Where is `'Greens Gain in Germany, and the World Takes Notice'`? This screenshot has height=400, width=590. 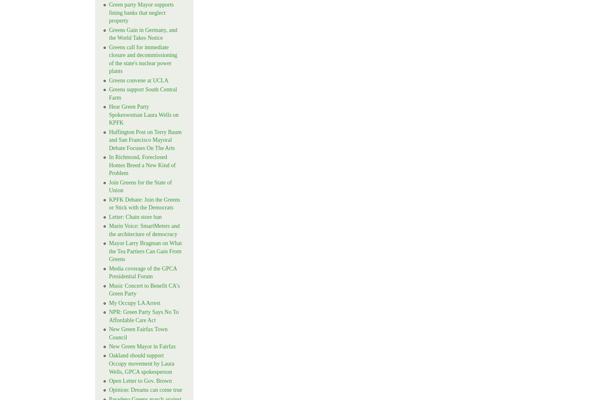 'Greens Gain in Germany, and the World Takes Notice' is located at coordinates (143, 34).